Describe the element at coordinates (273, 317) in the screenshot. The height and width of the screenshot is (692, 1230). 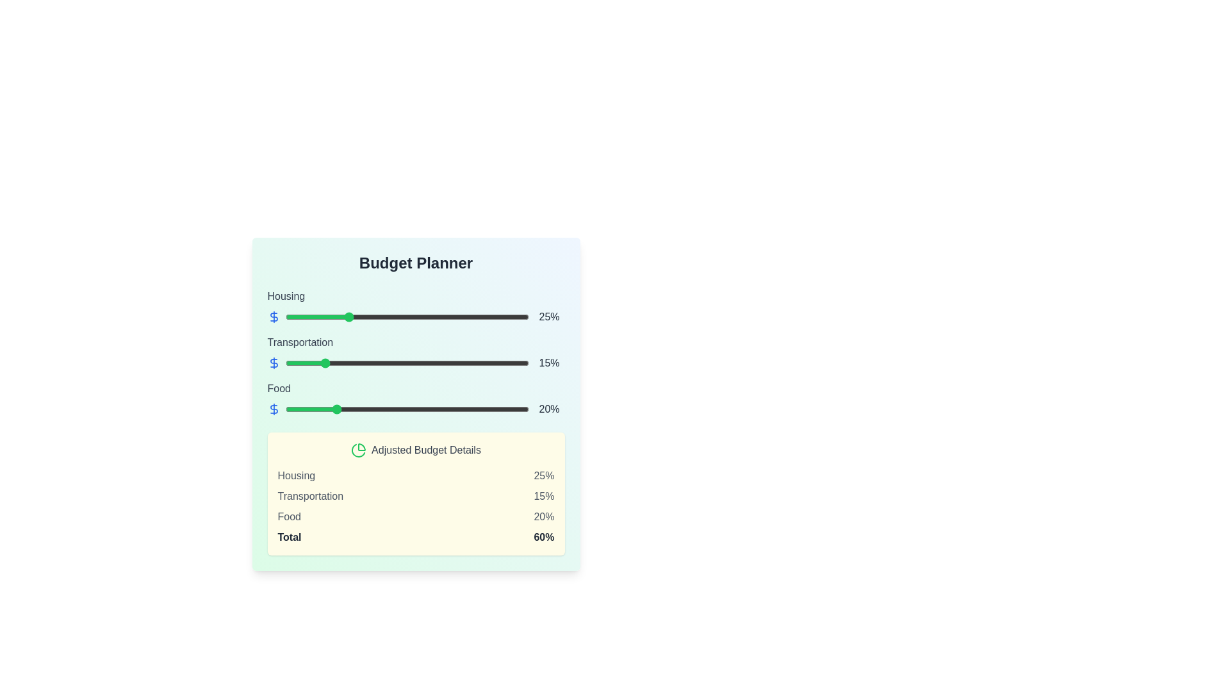
I see `the monetary value icon located to the left of the slider bar associated with housing adjustments, positioned slightly above the '25%' percentage text` at that location.